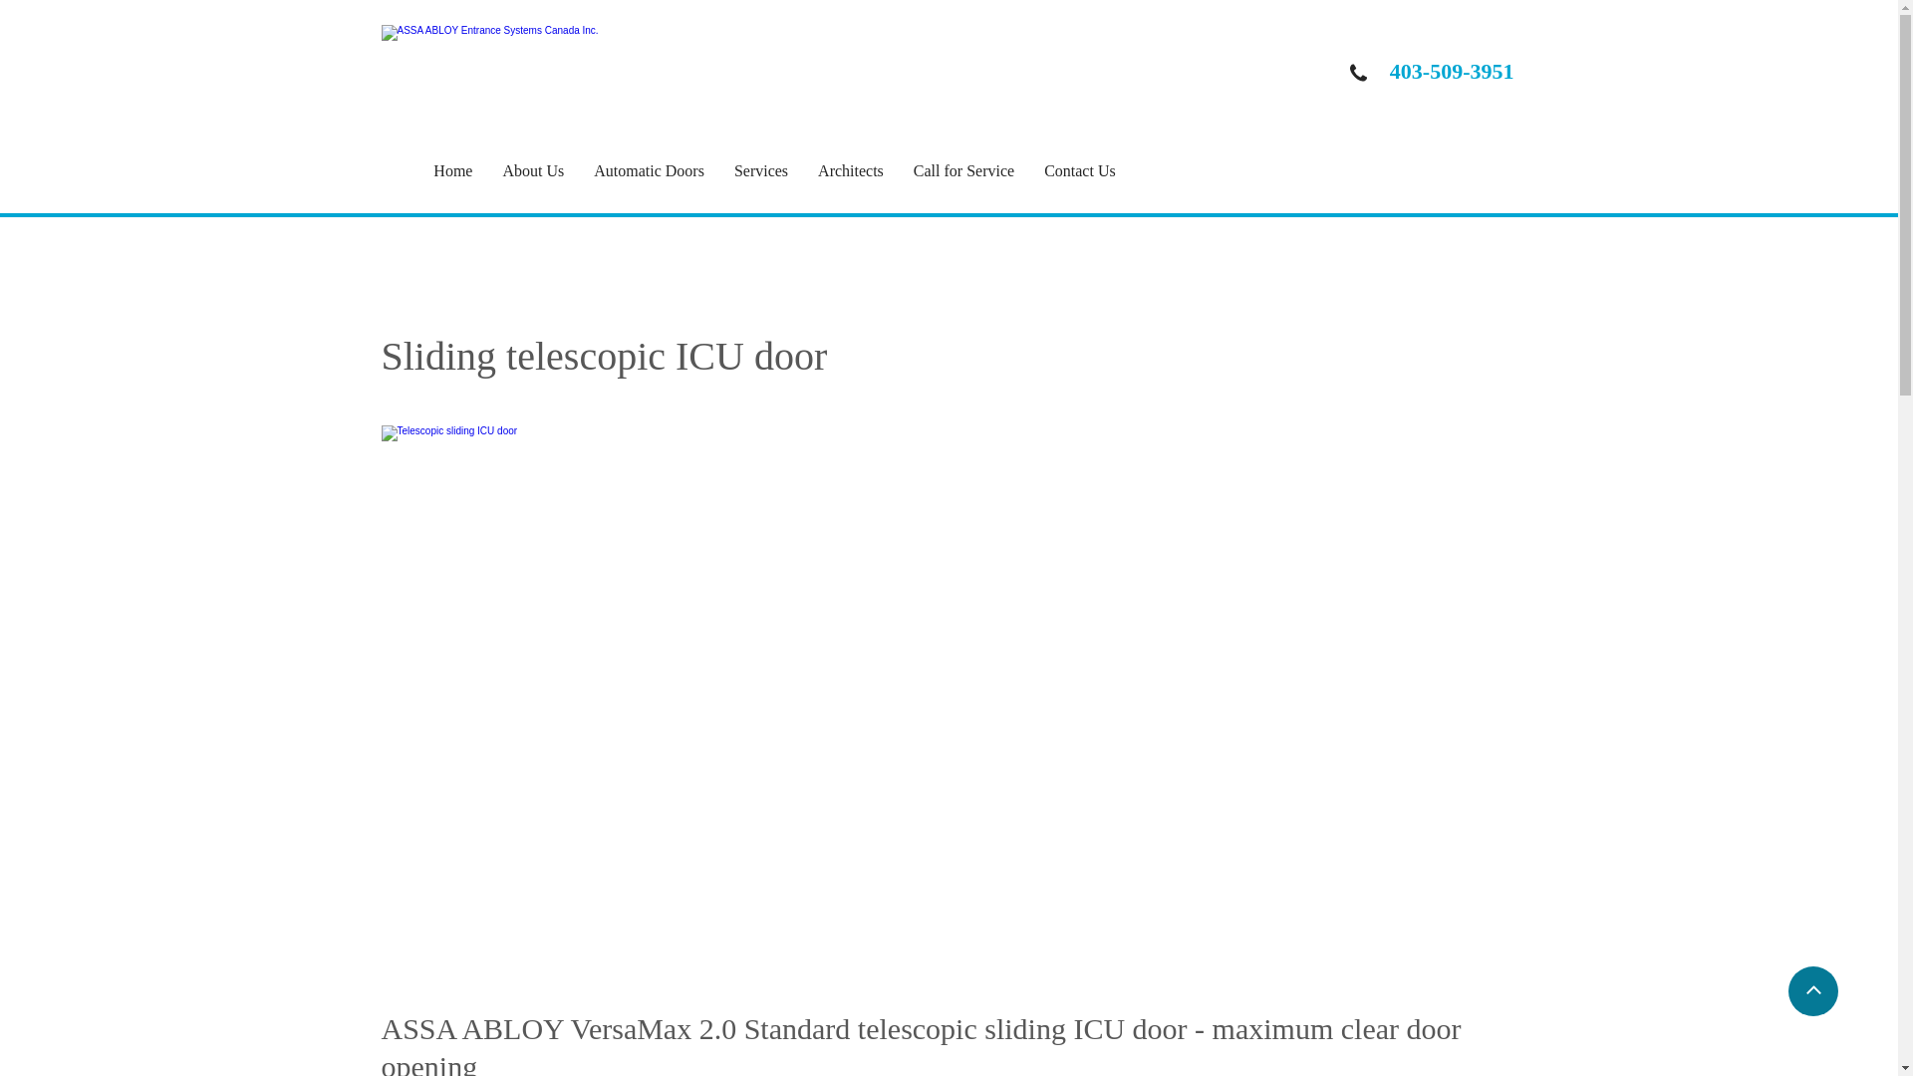  I want to click on 'Automatic Doors', so click(664, 170).